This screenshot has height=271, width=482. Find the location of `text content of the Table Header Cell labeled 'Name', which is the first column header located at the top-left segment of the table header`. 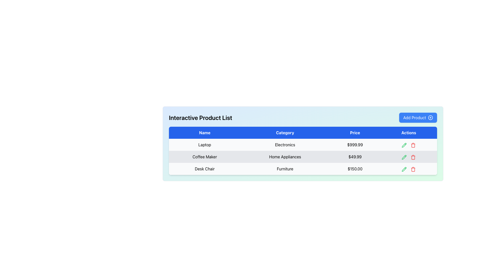

text content of the Table Header Cell labeled 'Name', which is the first column header located at the top-left segment of the table header is located at coordinates (205, 132).